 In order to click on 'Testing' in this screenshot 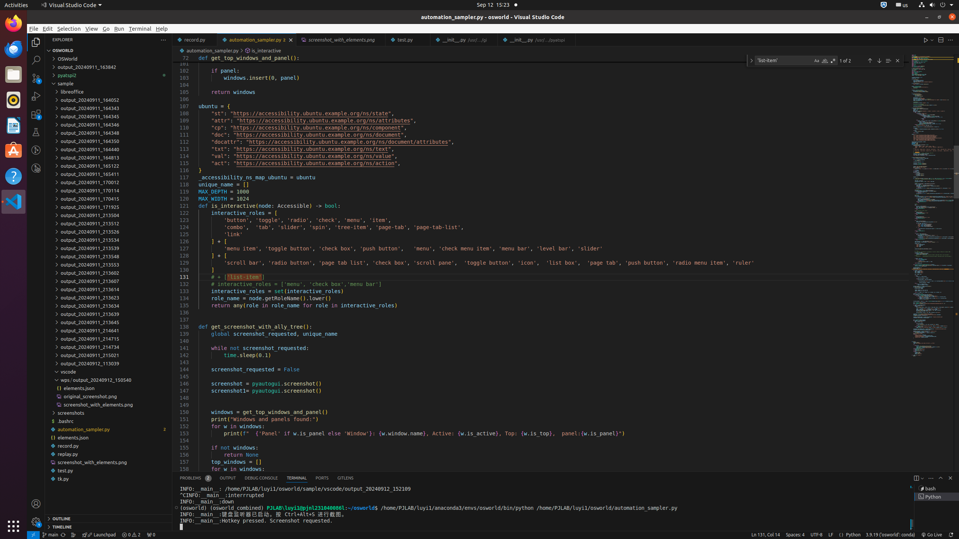, I will do `click(36, 132)`.